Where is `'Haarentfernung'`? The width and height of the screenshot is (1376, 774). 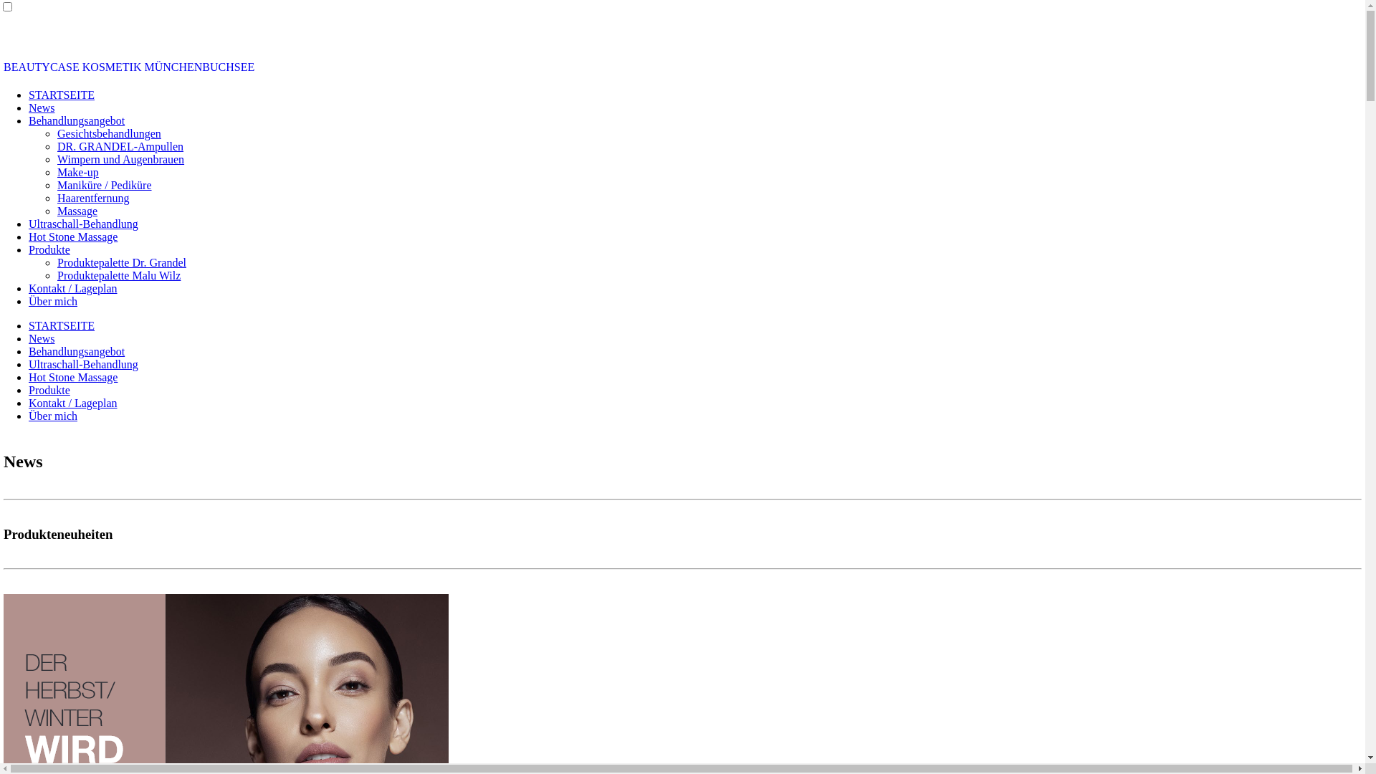
'Haarentfernung' is located at coordinates (92, 198).